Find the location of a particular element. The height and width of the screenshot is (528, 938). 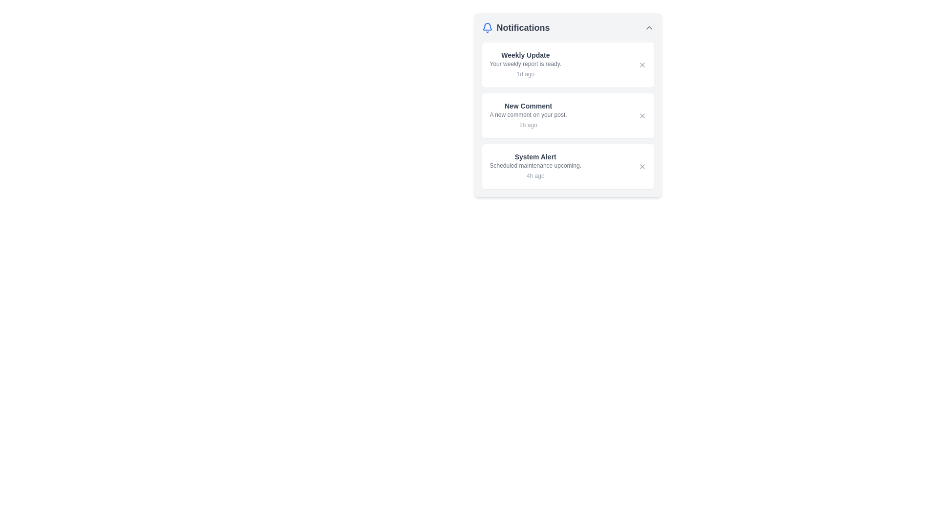

the text label displaying 'Your weekly report is ready.' which is styled in gray font and positioned beneath the 'Weekly Update' heading is located at coordinates (525, 64).